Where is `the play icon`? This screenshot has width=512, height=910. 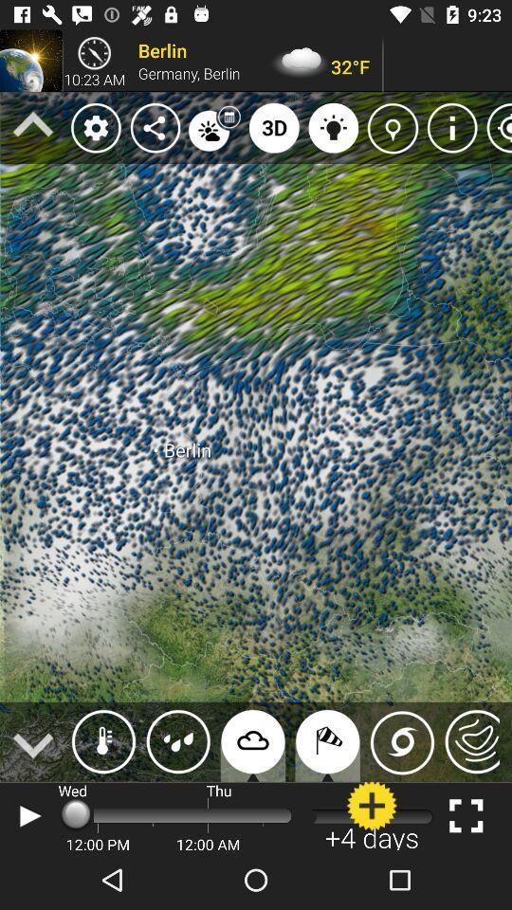
the play icon is located at coordinates (27, 814).